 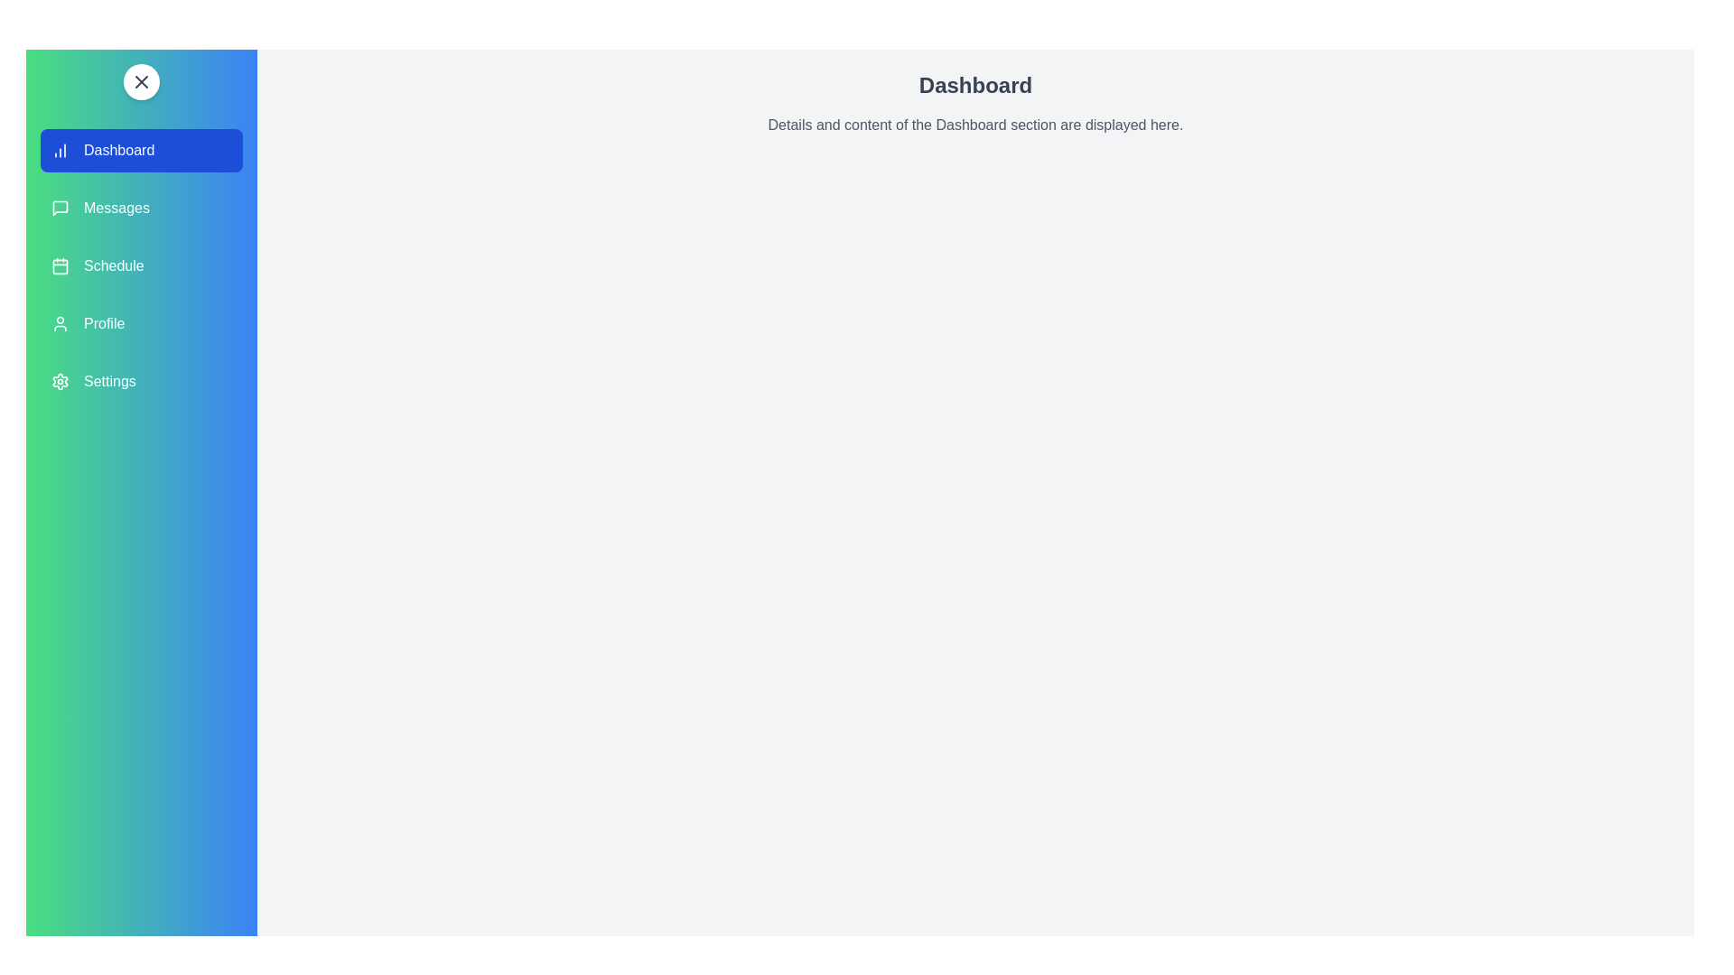 I want to click on the navigation section Settings by clicking on its corresponding area, so click(x=141, y=381).